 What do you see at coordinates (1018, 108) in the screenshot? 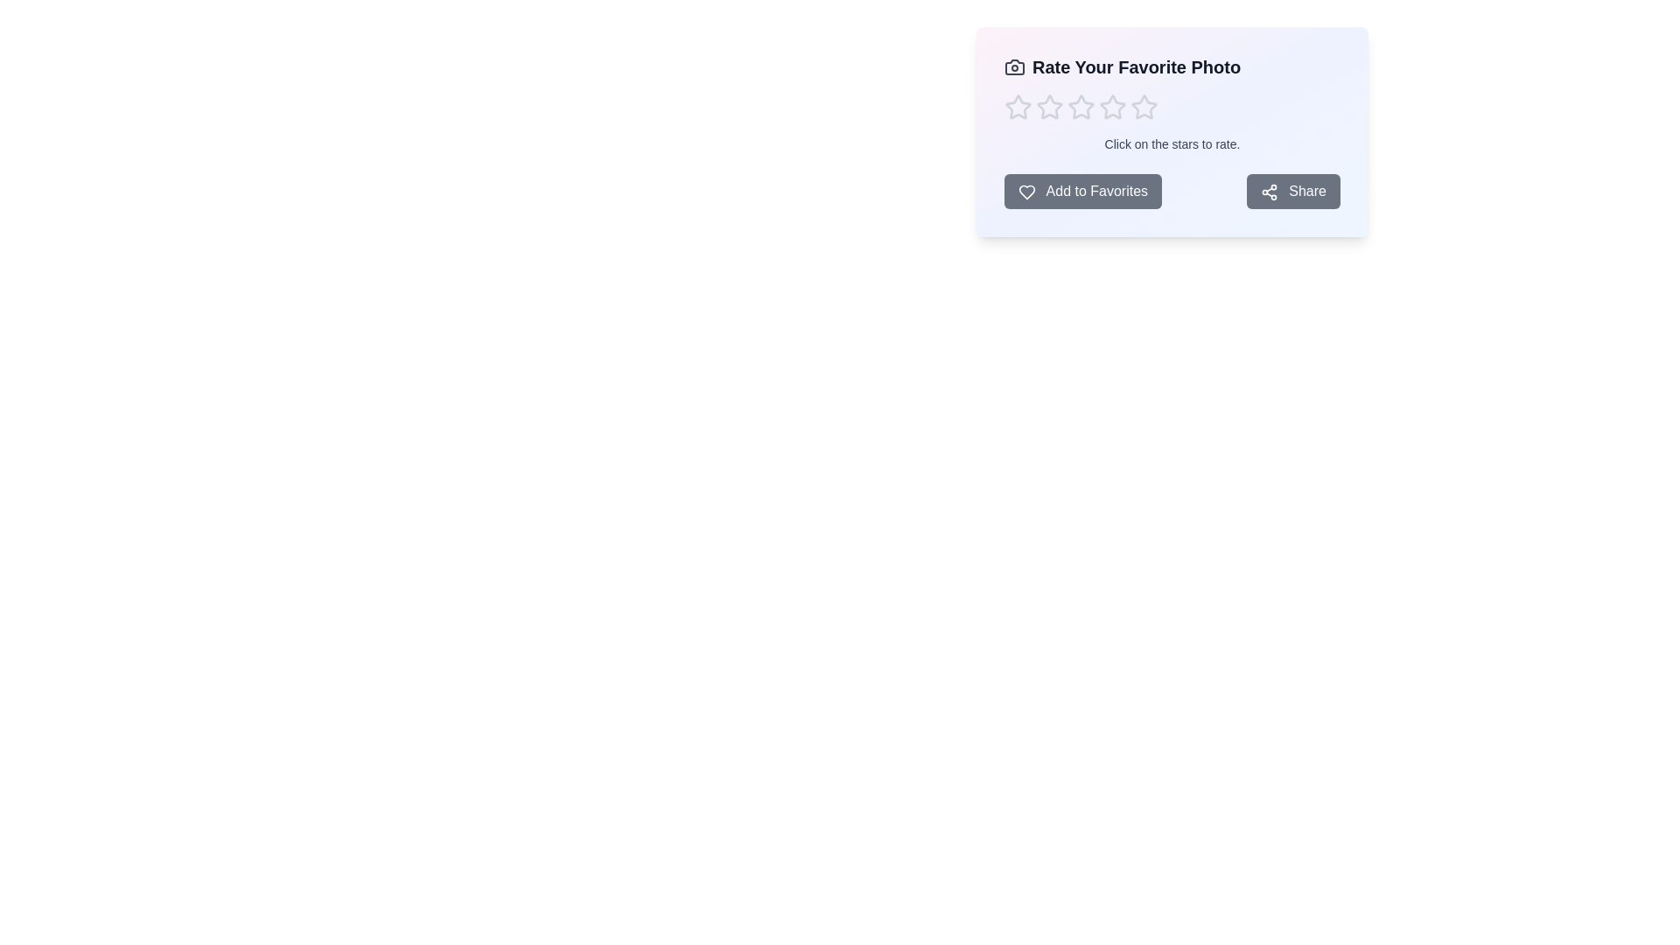
I see `the first star-shaped rating button, which is light gray and outlined, positioned leftmost in the sequence of five stars aligned horizontally below the 'Rate Your Favorite Photo' header, to trigger a tooltip or visual feedback` at bounding box center [1018, 108].